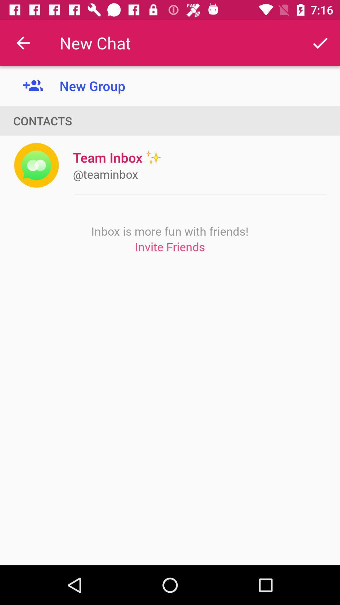 The width and height of the screenshot is (340, 605). Describe the element at coordinates (320, 43) in the screenshot. I see `the icon to the right of new chat` at that location.